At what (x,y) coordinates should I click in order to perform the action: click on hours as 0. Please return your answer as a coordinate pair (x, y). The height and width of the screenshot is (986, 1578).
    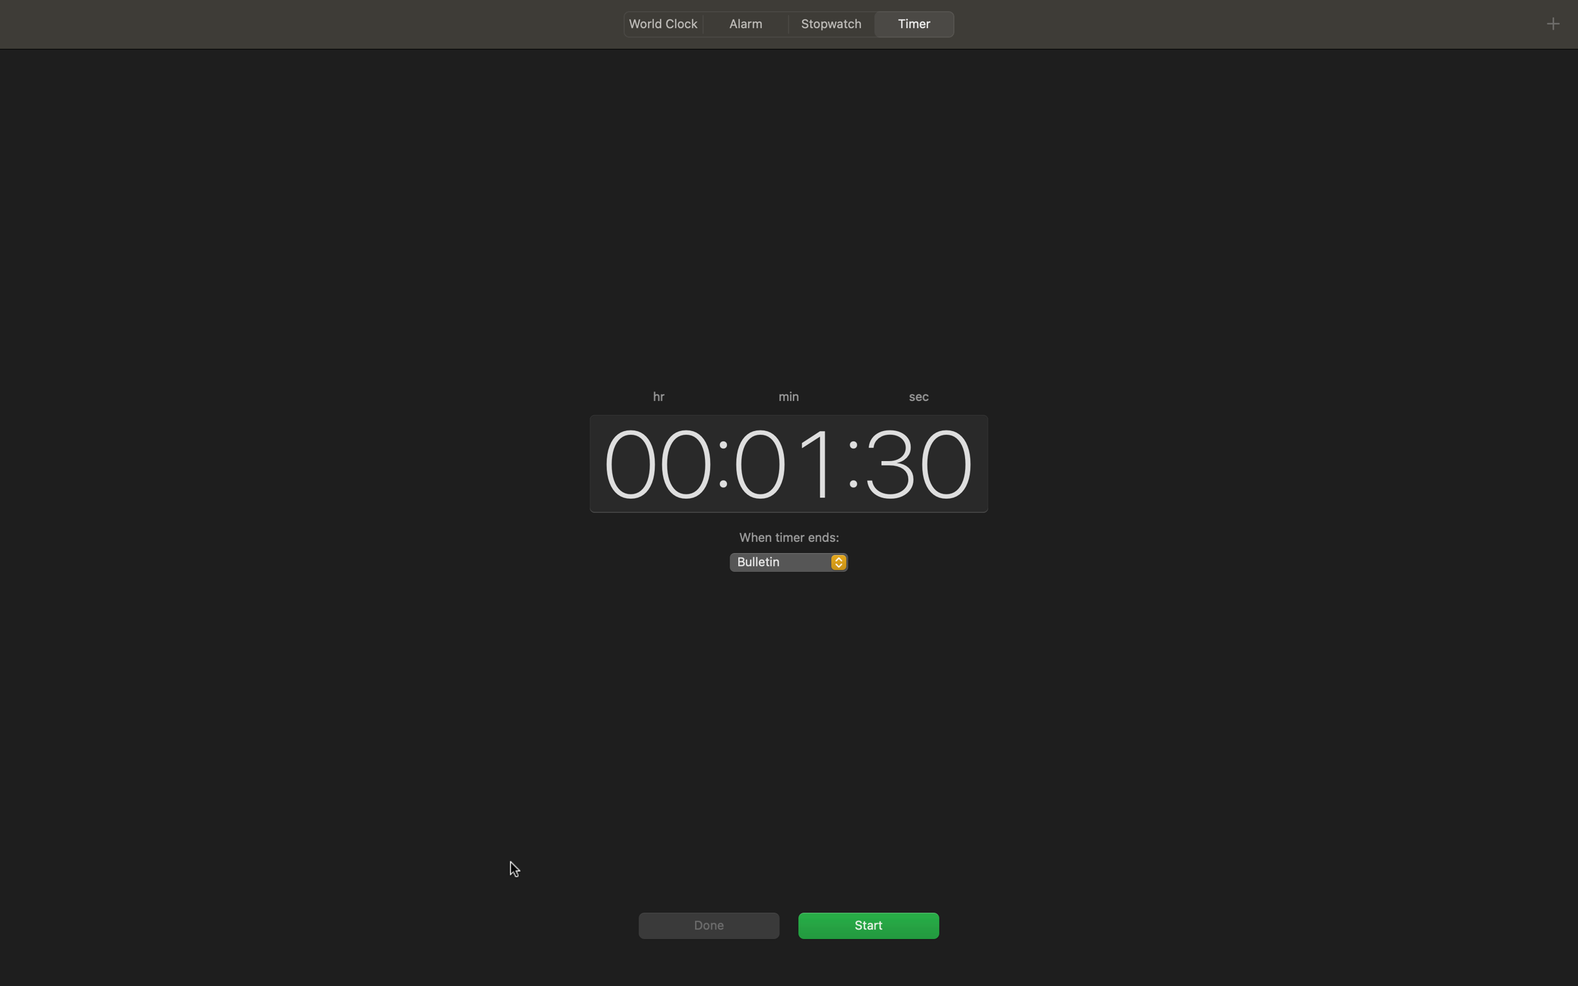
    Looking at the image, I should click on (652, 461).